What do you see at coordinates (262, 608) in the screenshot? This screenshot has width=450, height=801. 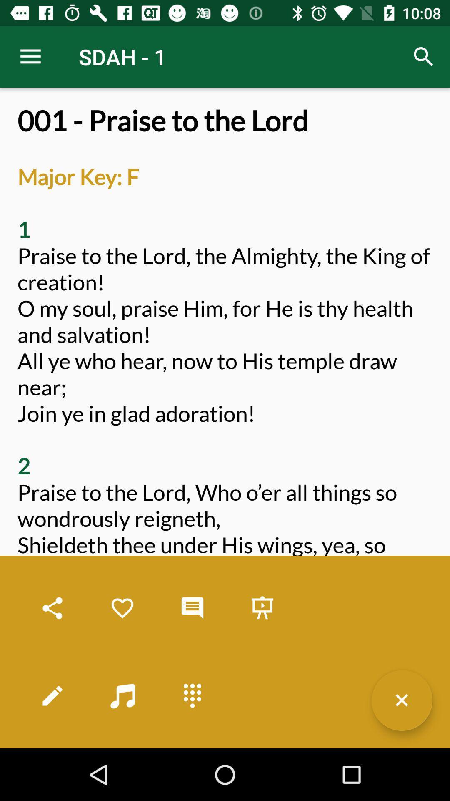 I see `click that option` at bounding box center [262, 608].